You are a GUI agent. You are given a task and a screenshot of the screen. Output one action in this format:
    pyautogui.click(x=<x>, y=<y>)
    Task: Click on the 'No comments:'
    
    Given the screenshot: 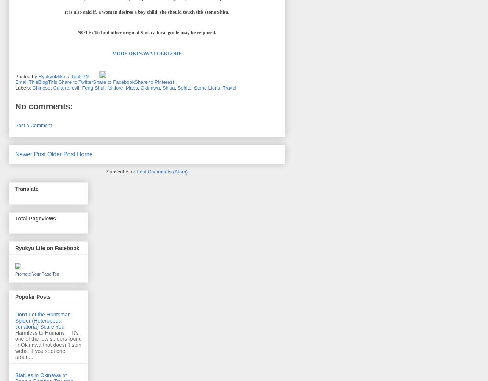 What is the action you would take?
    pyautogui.click(x=44, y=106)
    